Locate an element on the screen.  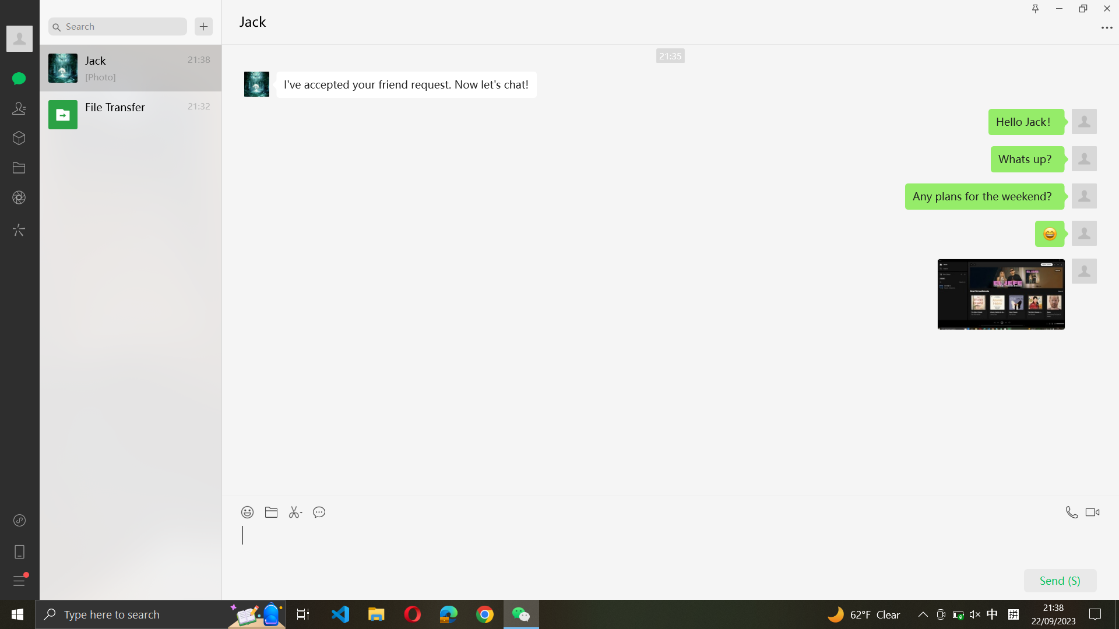
Write "Hello" to Jack in the message box and press send is located at coordinates (668, 559).